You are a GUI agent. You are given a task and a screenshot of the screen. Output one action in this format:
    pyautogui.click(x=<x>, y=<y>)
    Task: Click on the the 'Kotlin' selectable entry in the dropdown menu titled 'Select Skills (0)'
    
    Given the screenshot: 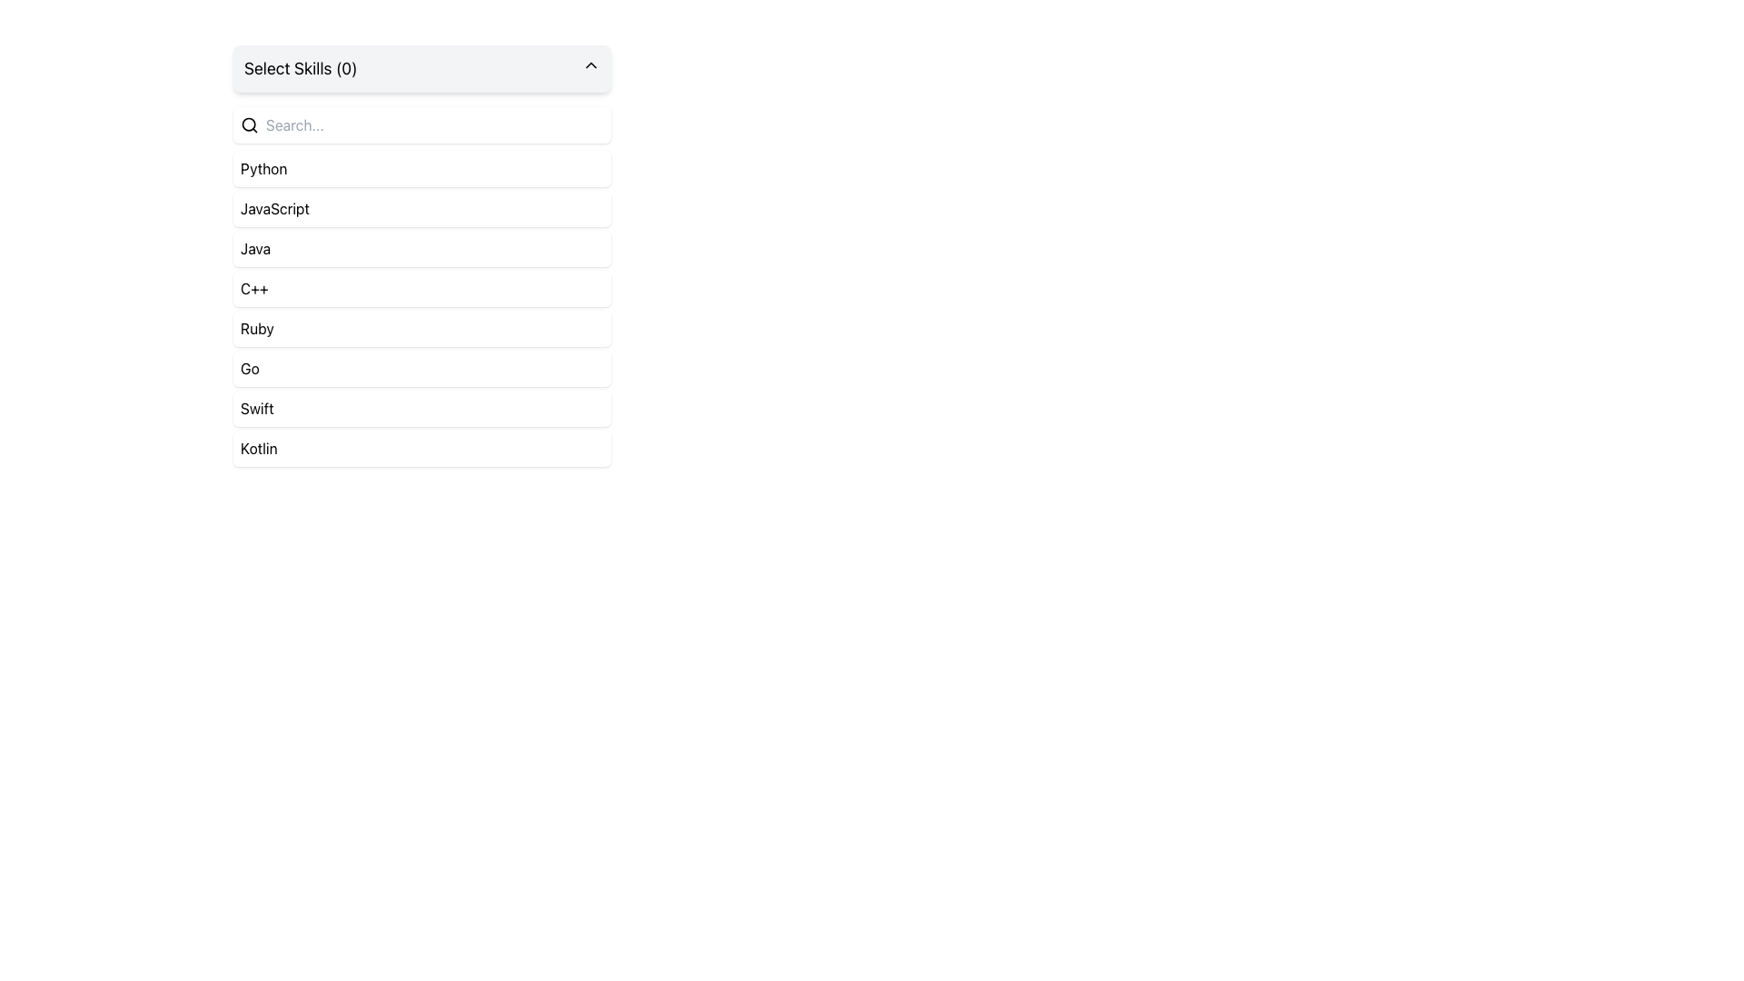 What is the action you would take?
    pyautogui.click(x=258, y=448)
    